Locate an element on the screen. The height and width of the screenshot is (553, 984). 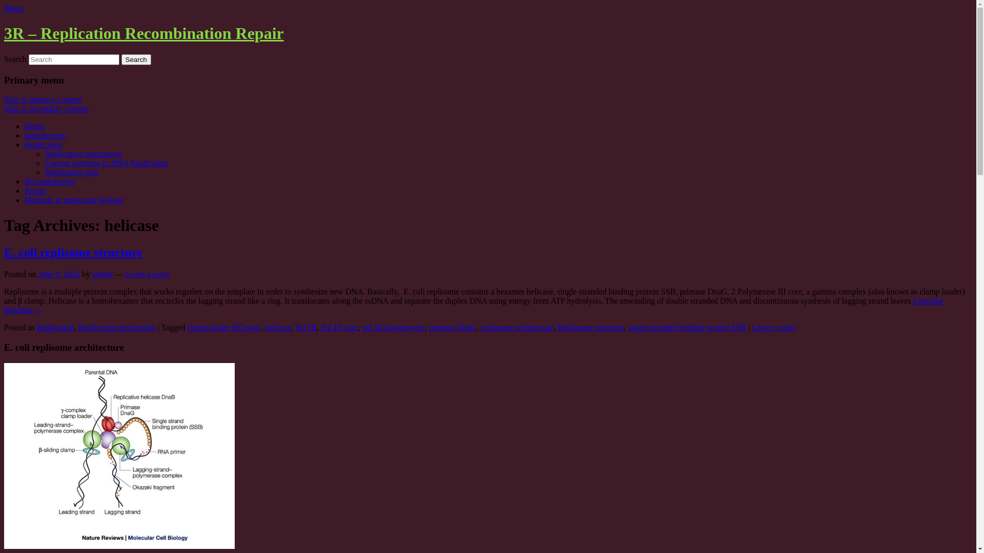
'Pol III' is located at coordinates (305, 327).